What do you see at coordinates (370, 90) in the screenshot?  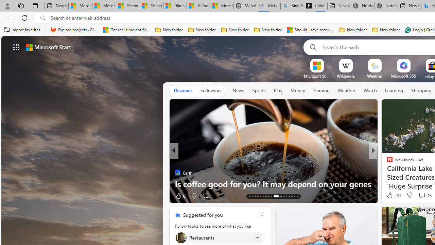 I see `'Watch'` at bounding box center [370, 90].